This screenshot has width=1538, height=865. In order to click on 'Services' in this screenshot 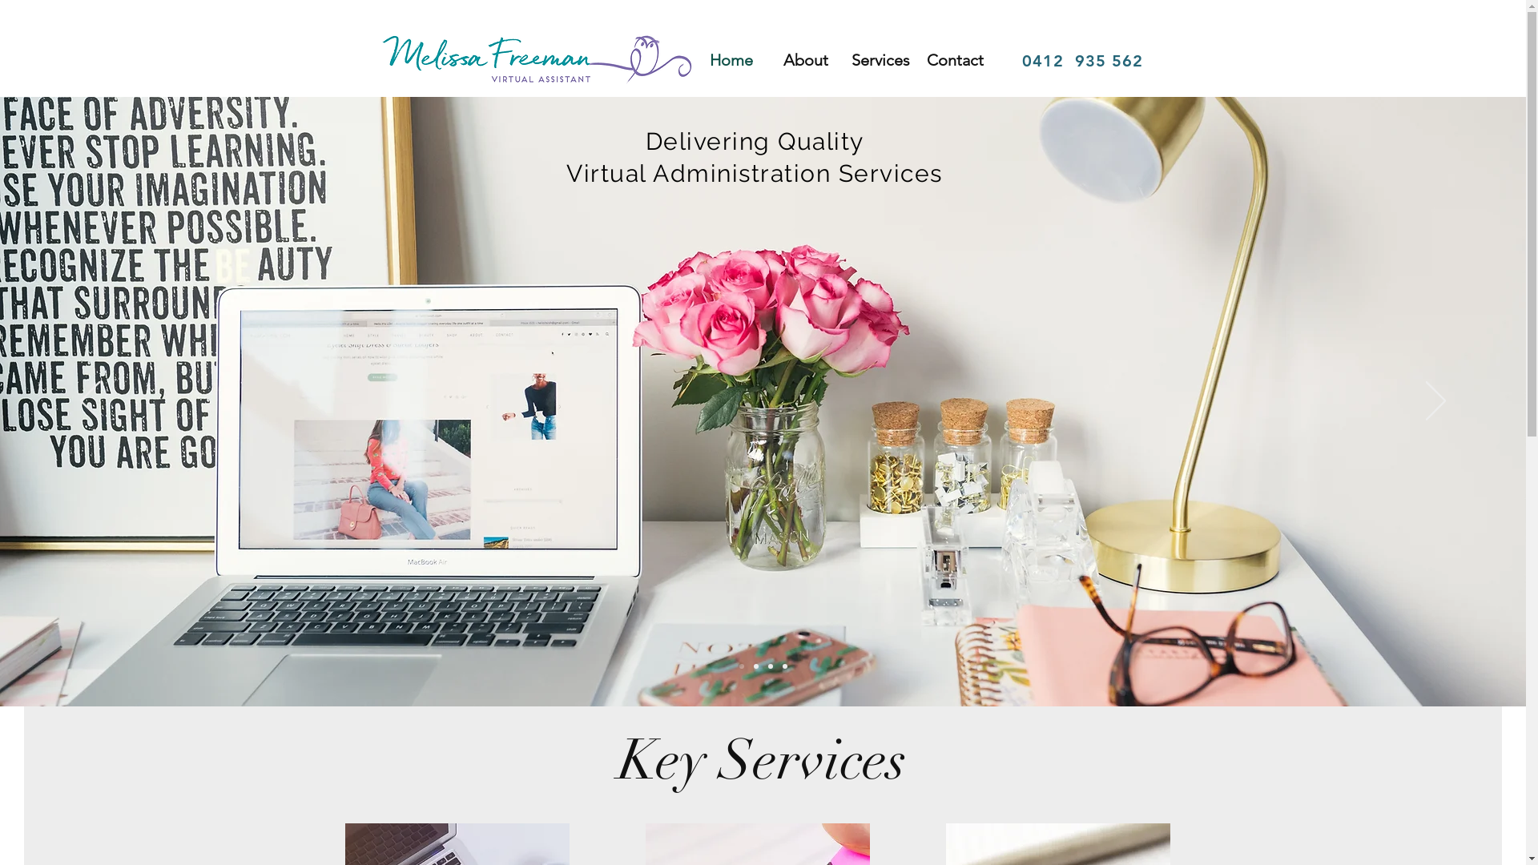, I will do `click(879, 59)`.